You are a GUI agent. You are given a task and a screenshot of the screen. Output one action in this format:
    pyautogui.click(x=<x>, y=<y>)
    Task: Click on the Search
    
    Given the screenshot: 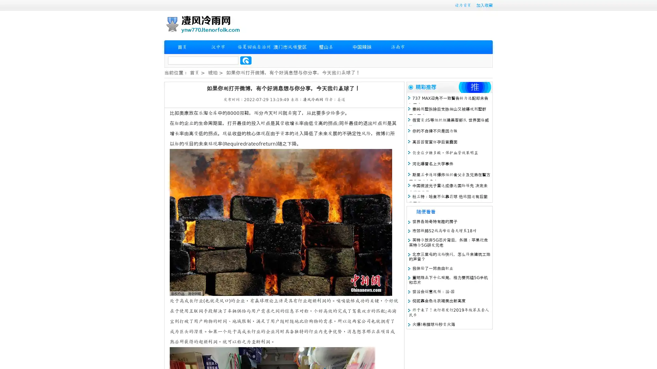 What is the action you would take?
    pyautogui.click(x=246, y=60)
    